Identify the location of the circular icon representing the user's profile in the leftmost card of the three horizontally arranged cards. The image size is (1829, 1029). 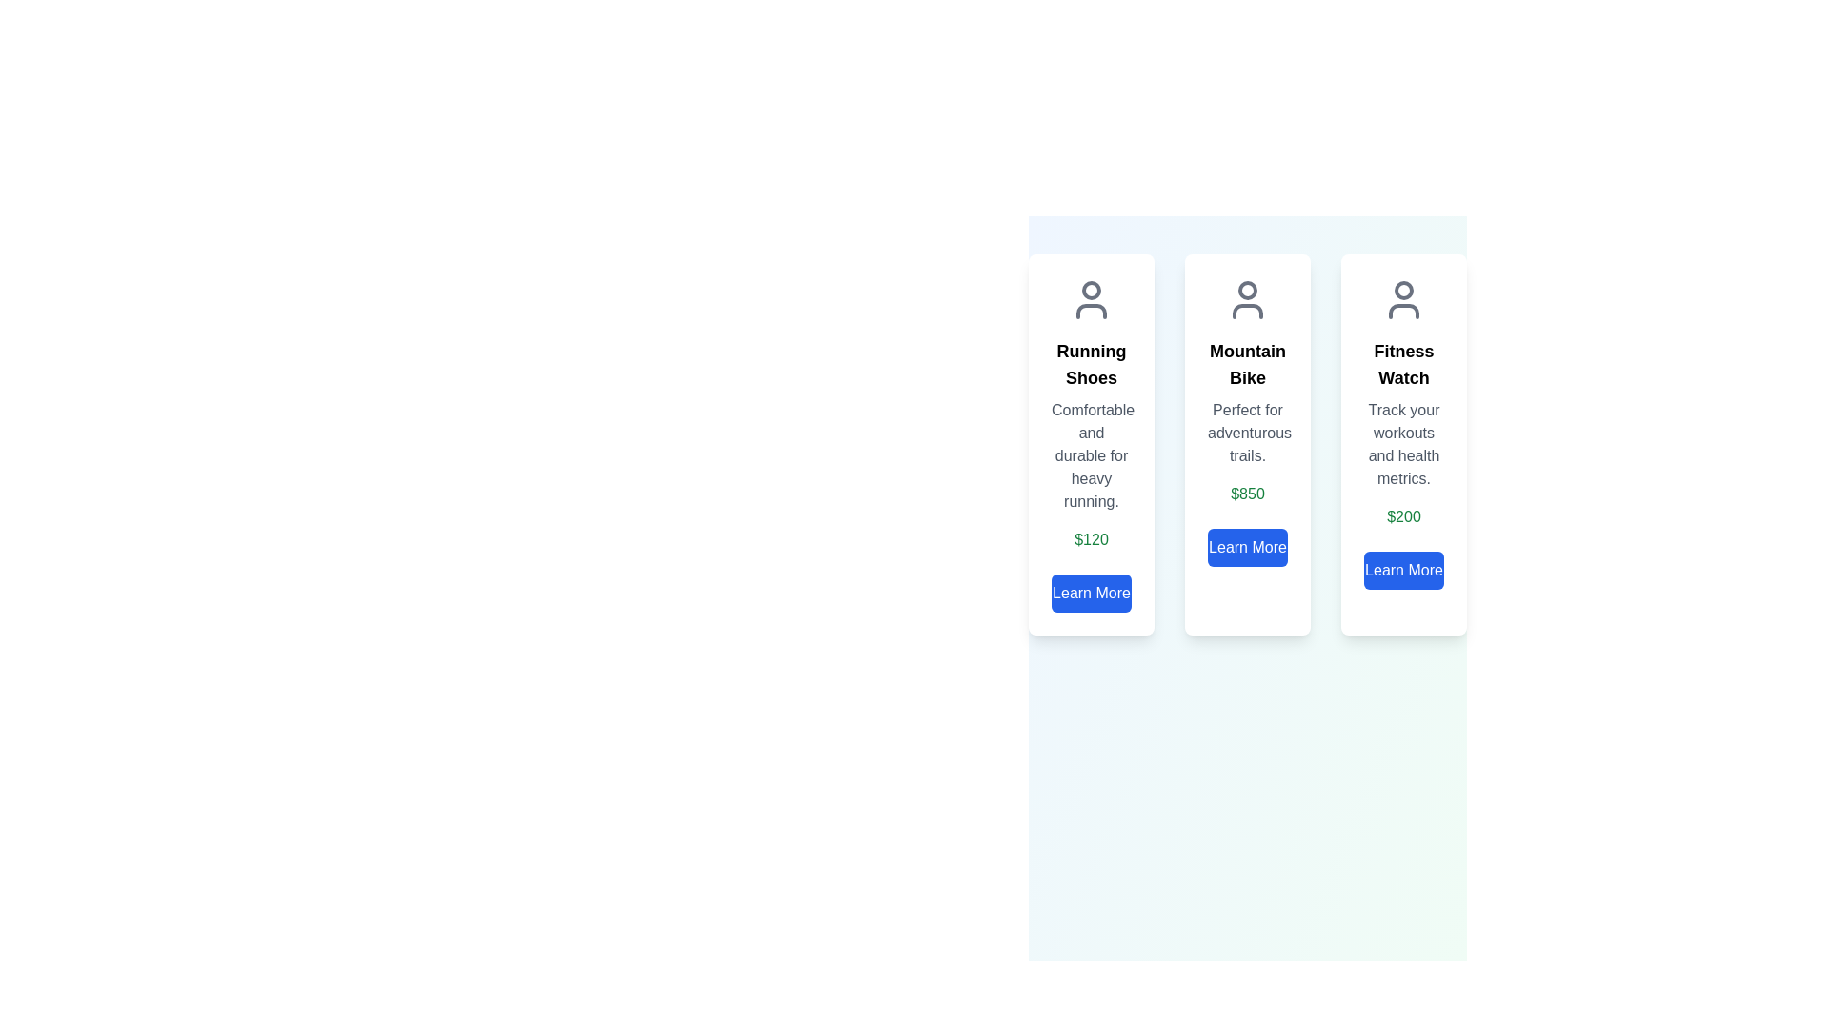
(1092, 290).